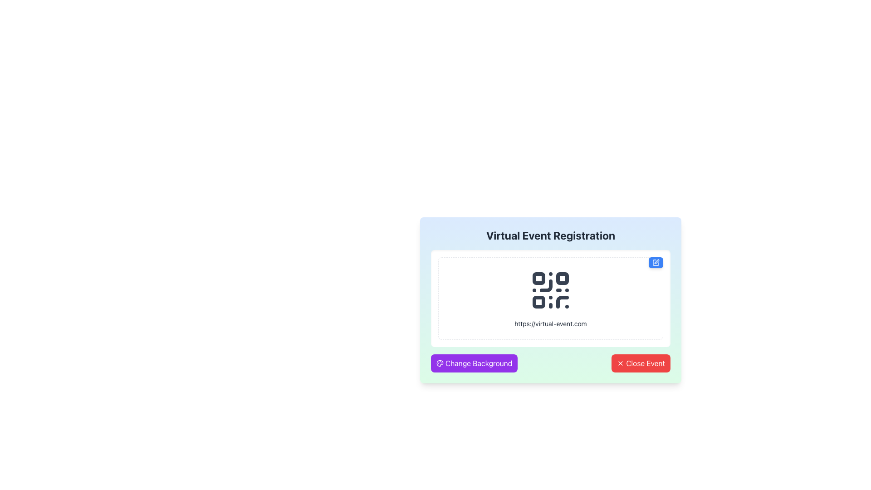 The height and width of the screenshot is (490, 871). Describe the element at coordinates (539, 278) in the screenshot. I see `the small, square-shaped component with rounded corners in the top-left corner of the QR code within the 'Virtual Event Registration' modal` at that location.